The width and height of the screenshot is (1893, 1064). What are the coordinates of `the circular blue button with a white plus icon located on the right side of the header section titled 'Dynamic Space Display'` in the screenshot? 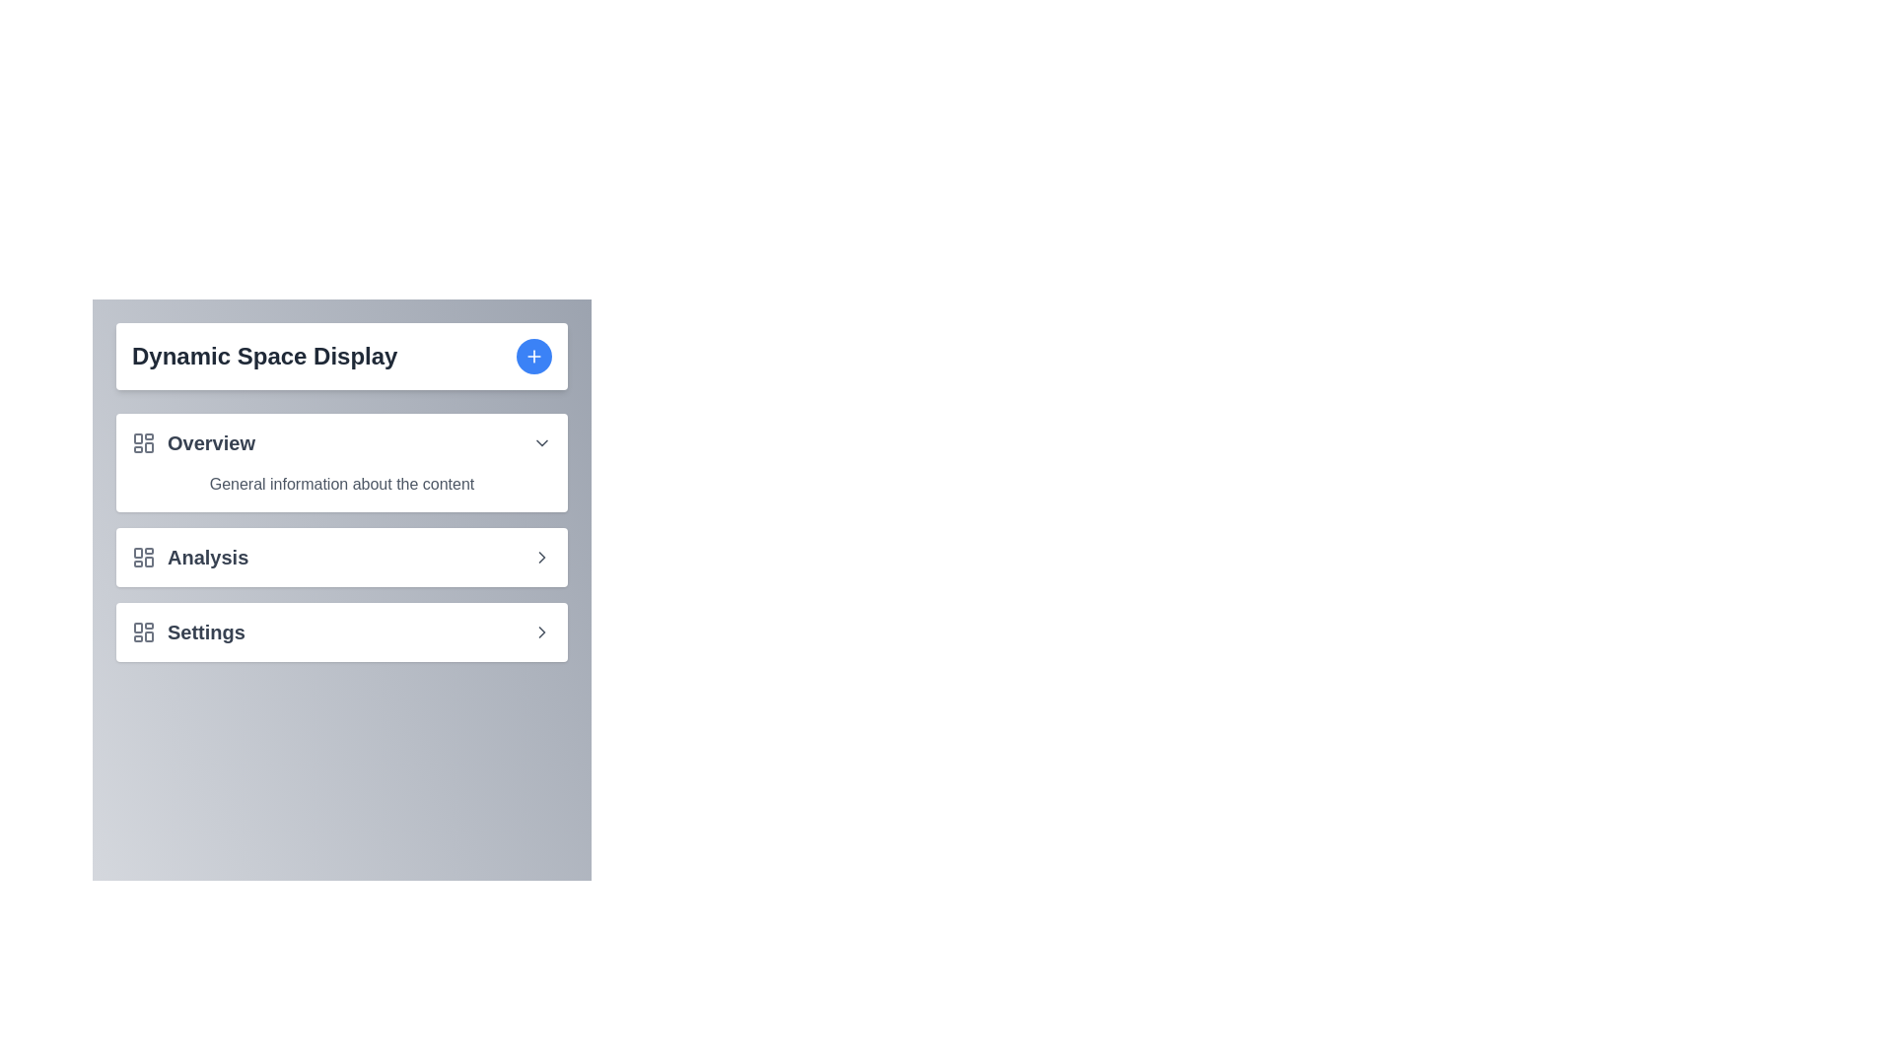 It's located at (534, 357).